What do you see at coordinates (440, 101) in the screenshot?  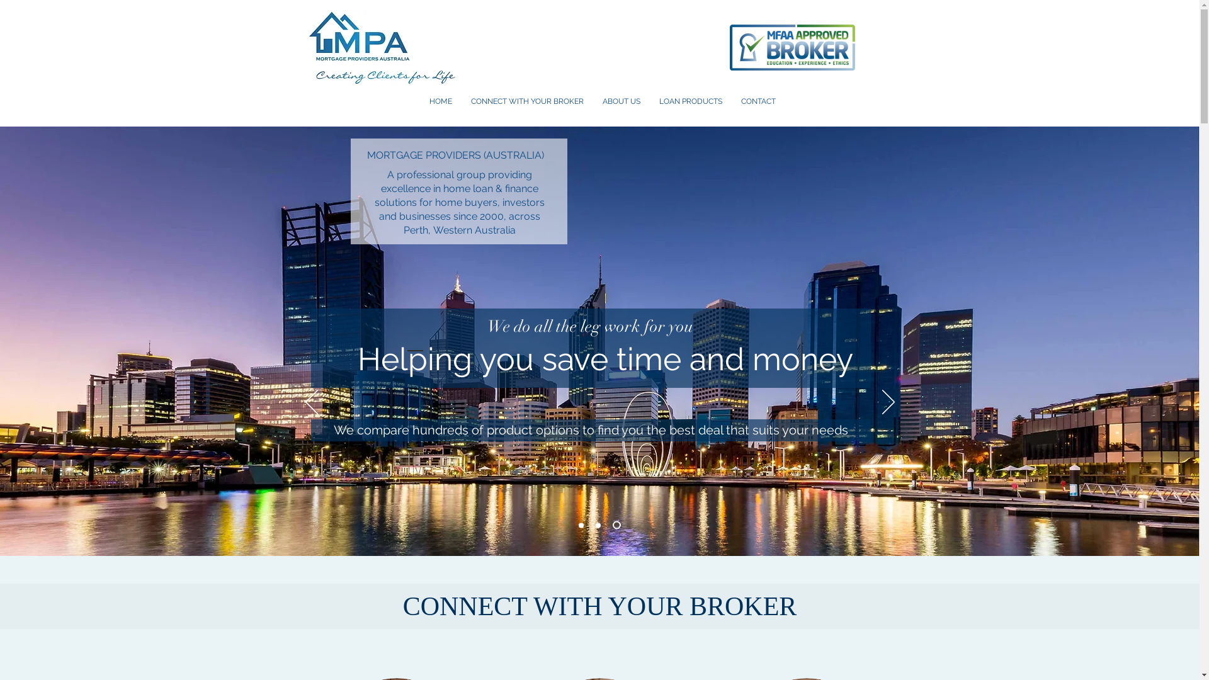 I see `'HOME'` at bounding box center [440, 101].